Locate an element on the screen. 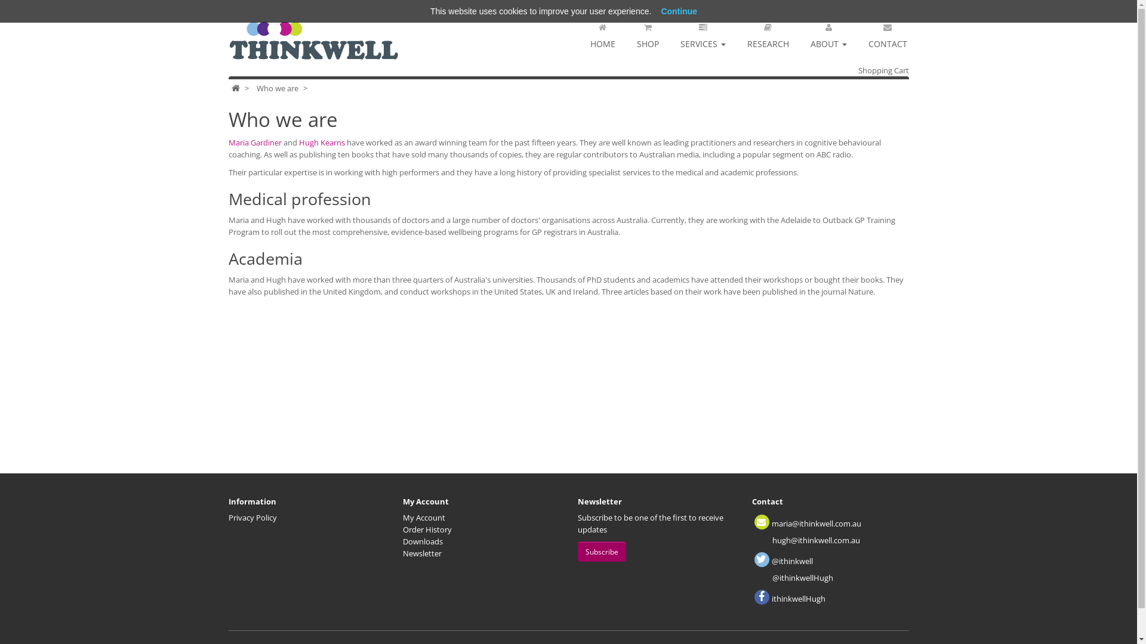 The height and width of the screenshot is (644, 1146). 'My Account' is located at coordinates (424, 516).